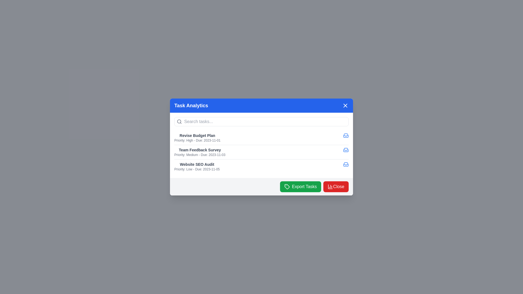 Image resolution: width=523 pixels, height=294 pixels. What do you see at coordinates (346, 150) in the screenshot?
I see `the blue inbox icon located in the second row of the task management interface, to the right of 'Team Feedback Survey'` at bounding box center [346, 150].